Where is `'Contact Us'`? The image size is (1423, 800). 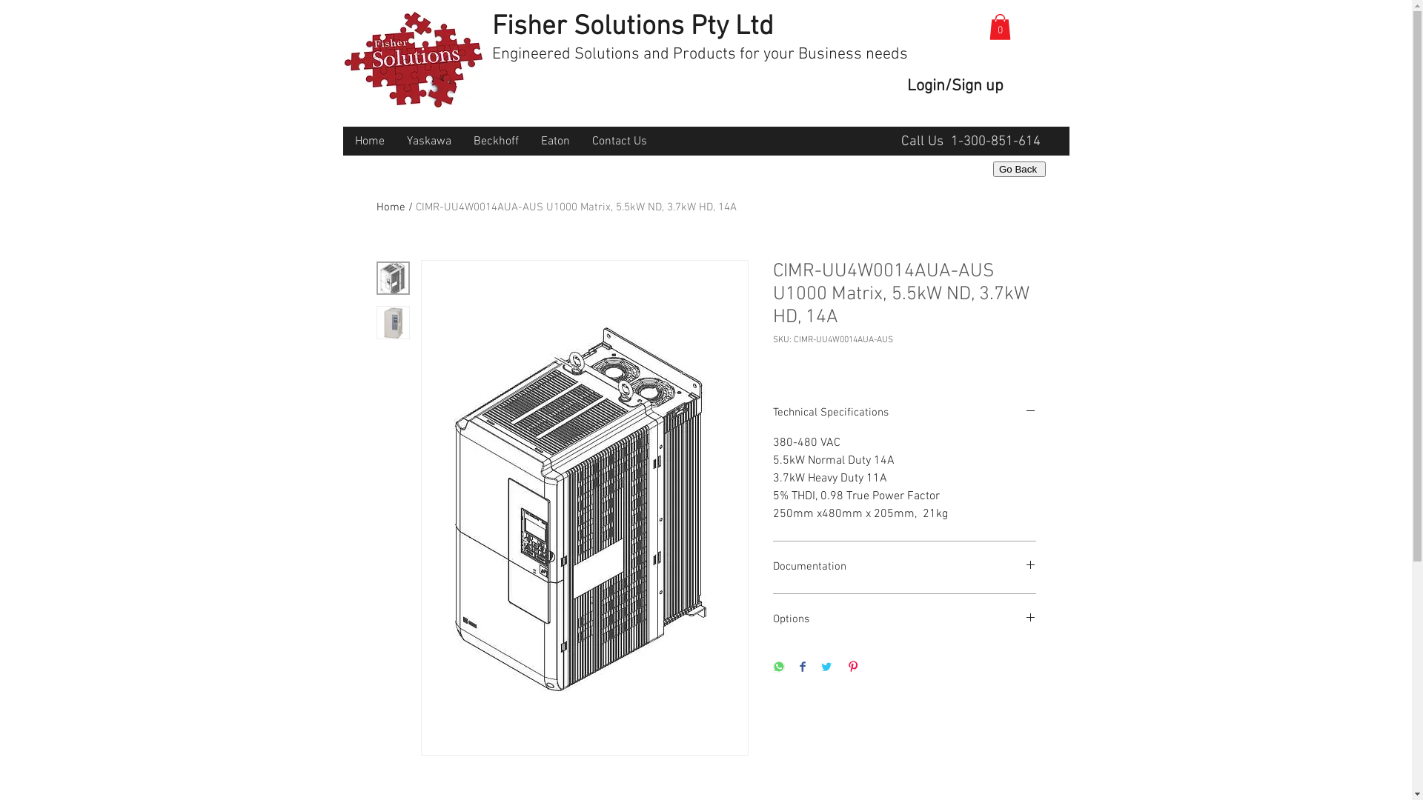 'Contact Us' is located at coordinates (619, 141).